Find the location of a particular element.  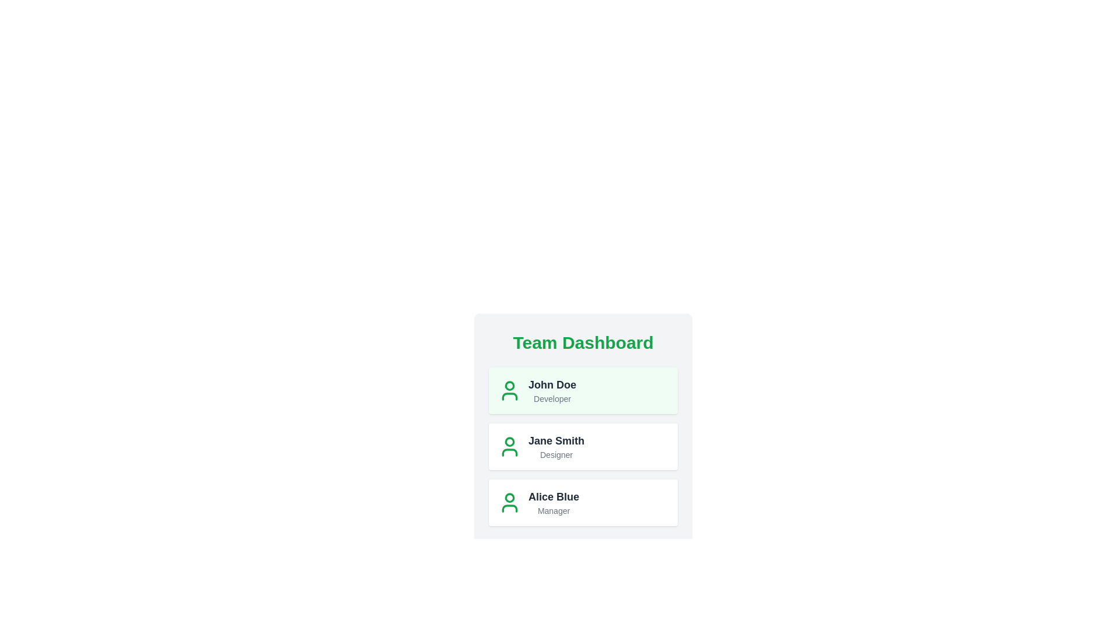

the avatar icon representing 'John Doe' is located at coordinates (509, 391).